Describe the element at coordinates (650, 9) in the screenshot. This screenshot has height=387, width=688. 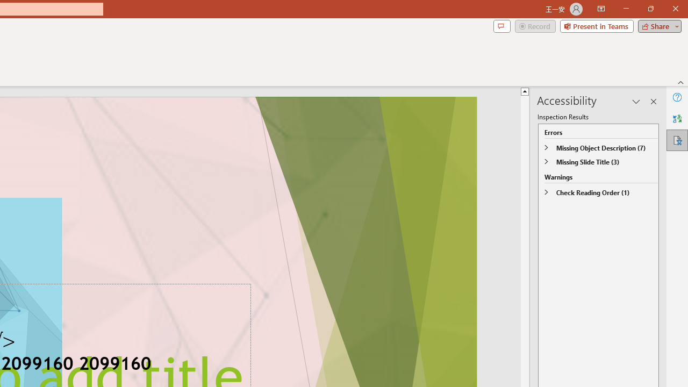
I see `'Restore Down'` at that location.